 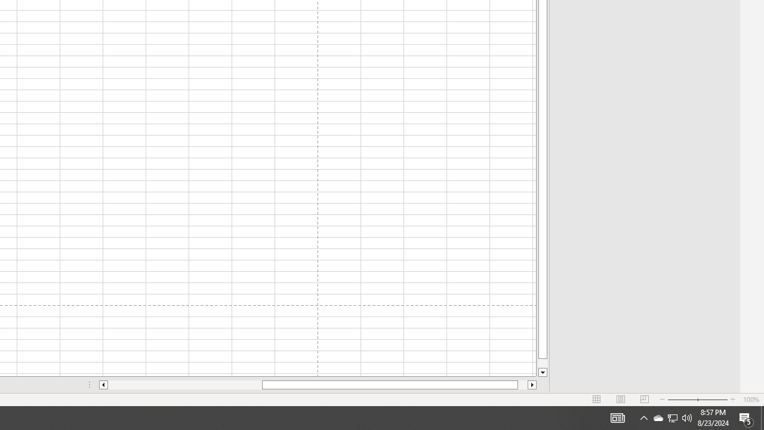 What do you see at coordinates (597, 400) in the screenshot?
I see `'Normal'` at bounding box center [597, 400].